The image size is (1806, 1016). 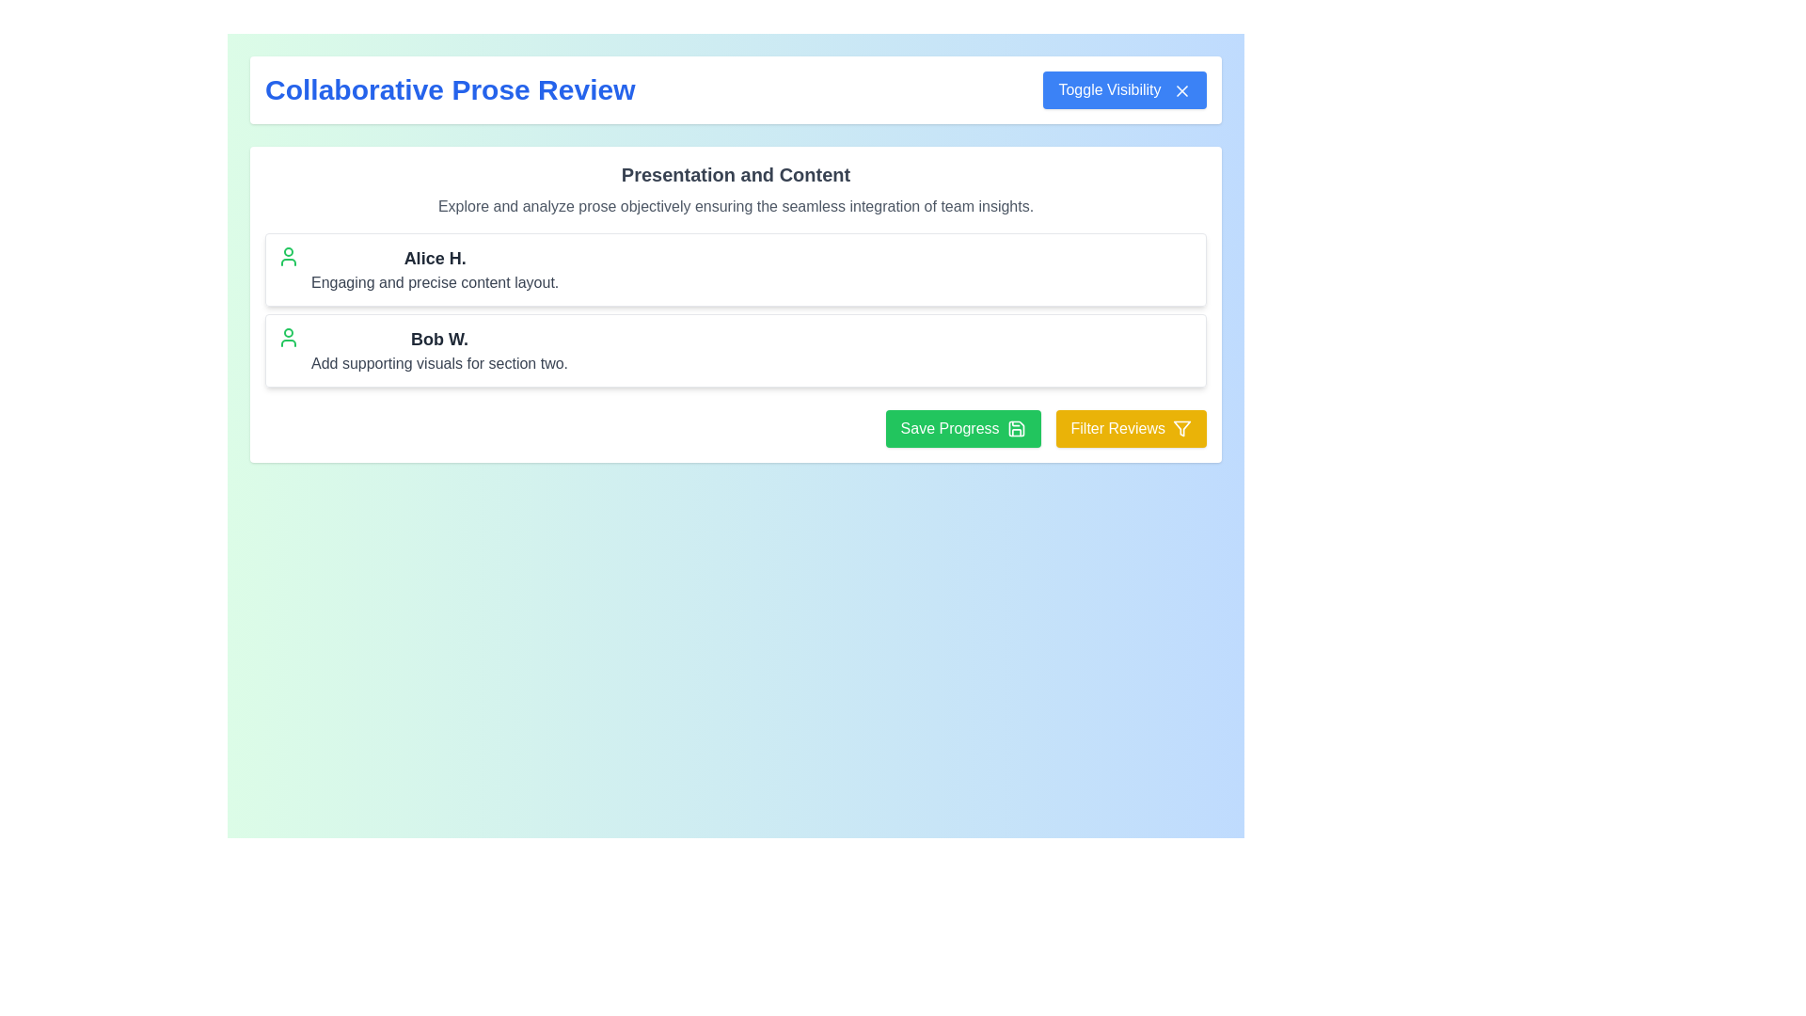 I want to click on the static text element that contains the phrase 'Explore and analyze prose objectively ensuring the seamless integration of team insights.' located under the bold label 'Presentation and Content', so click(x=735, y=206).